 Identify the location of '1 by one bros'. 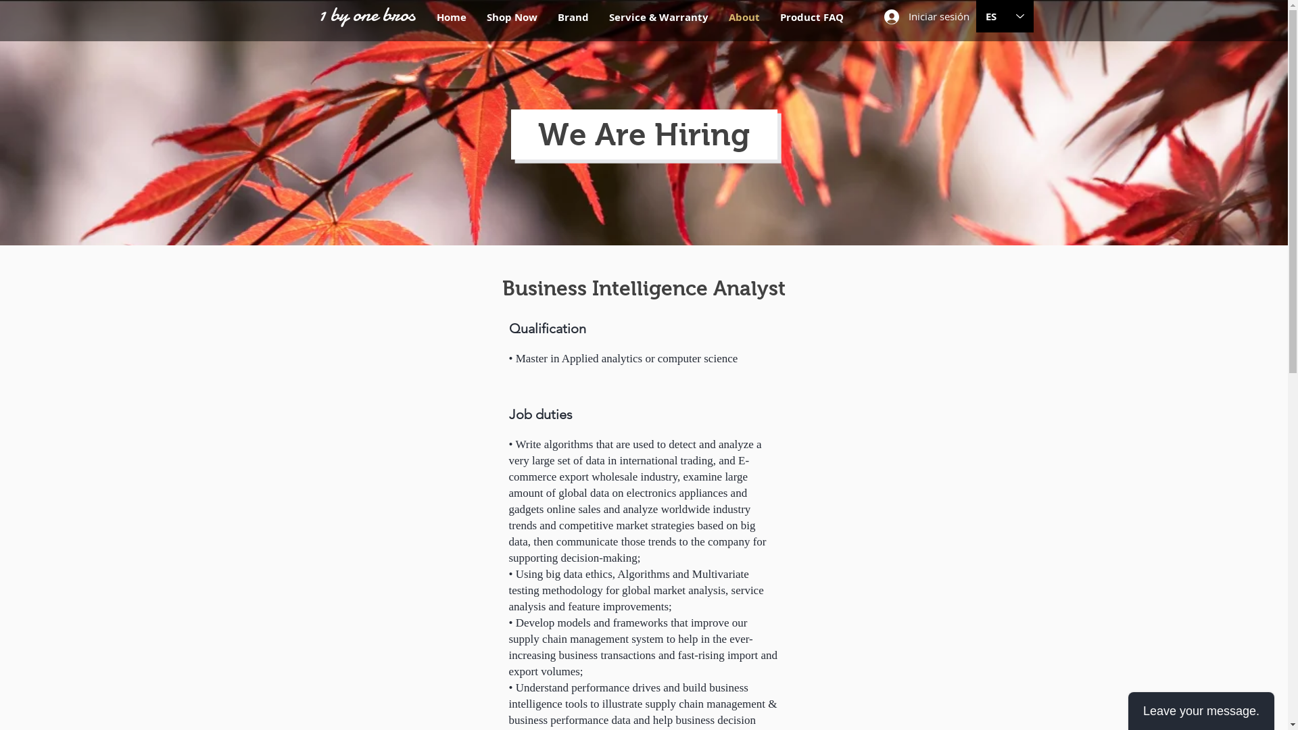
(366, 14).